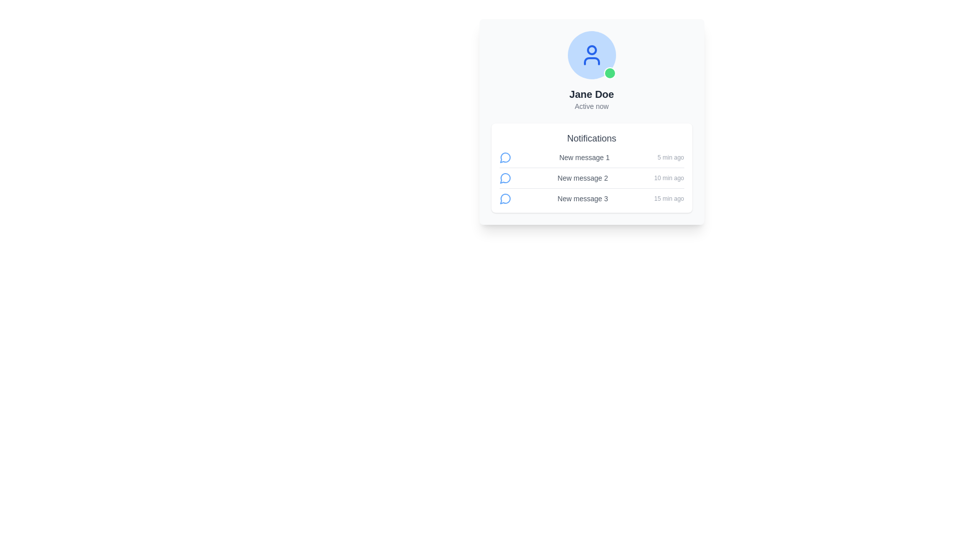 The height and width of the screenshot is (542, 964). Describe the element at coordinates (591, 106) in the screenshot. I see `the online status text label that indicates the user's status below 'Jane Doe'` at that location.